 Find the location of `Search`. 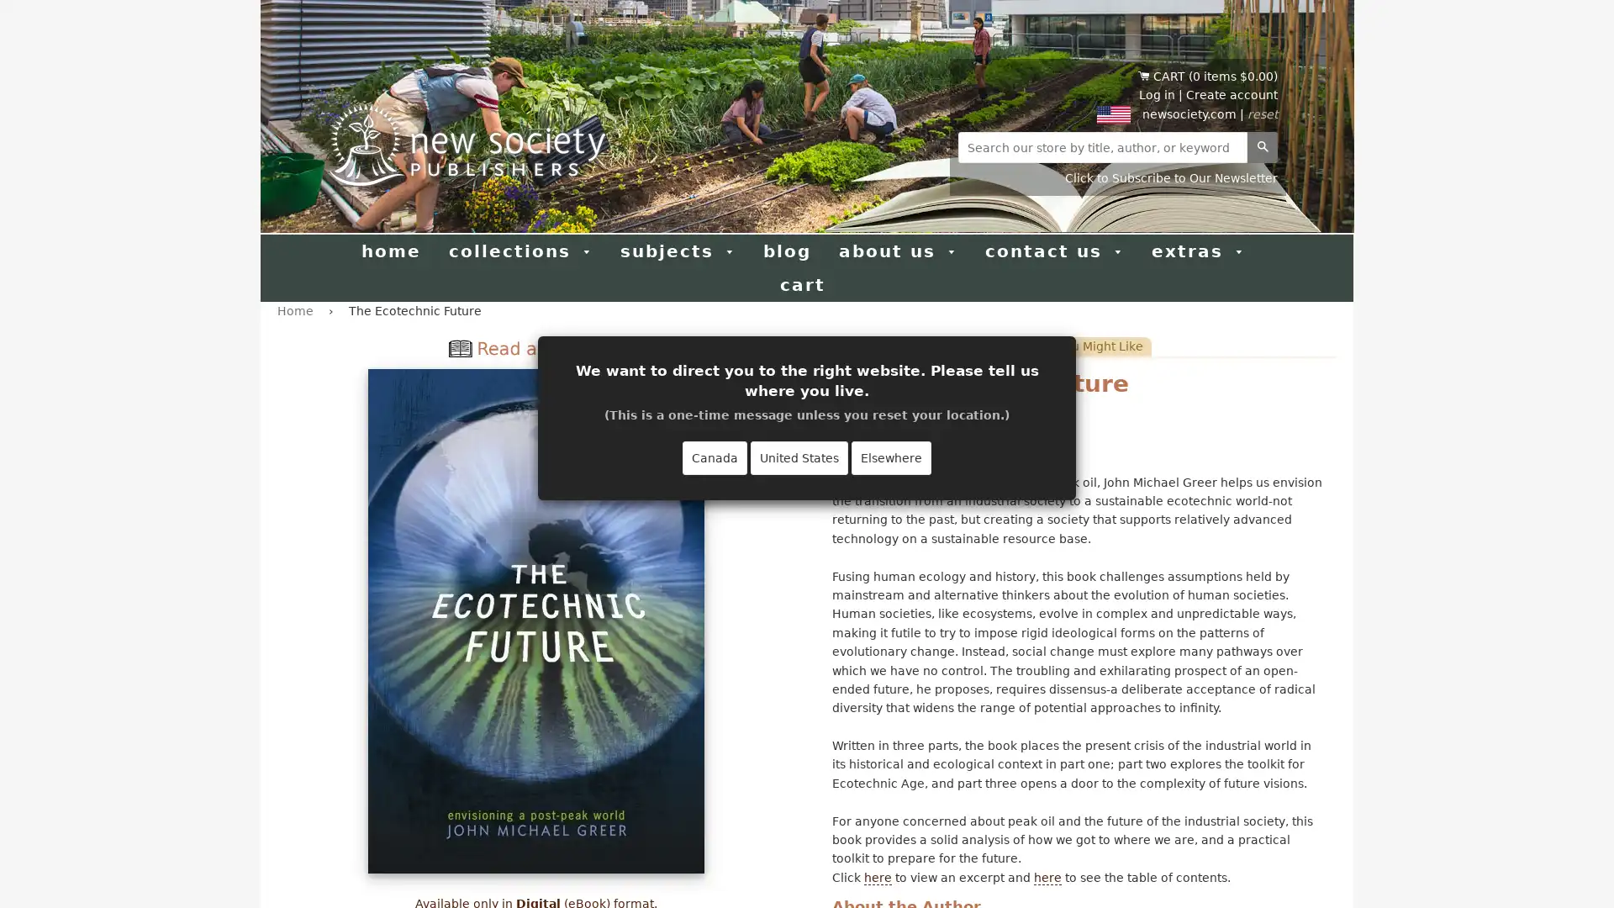

Search is located at coordinates (1263, 146).